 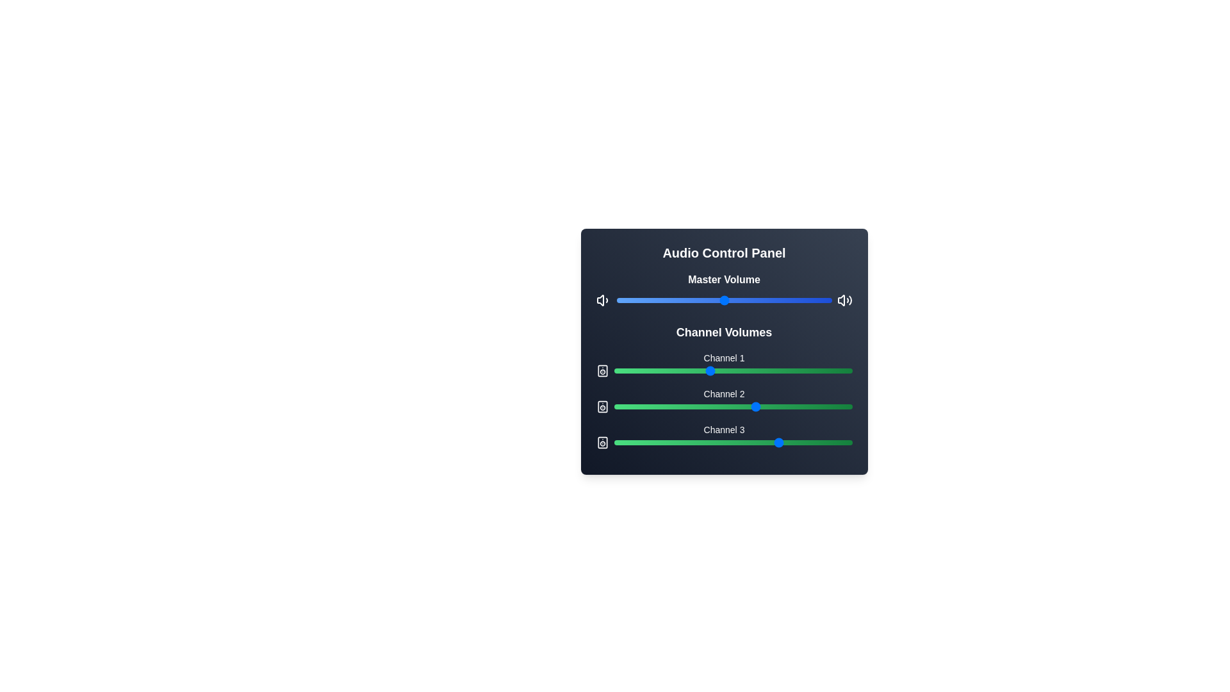 I want to click on the 'Channel 3' slider control on the green bar, so click(x=724, y=436).